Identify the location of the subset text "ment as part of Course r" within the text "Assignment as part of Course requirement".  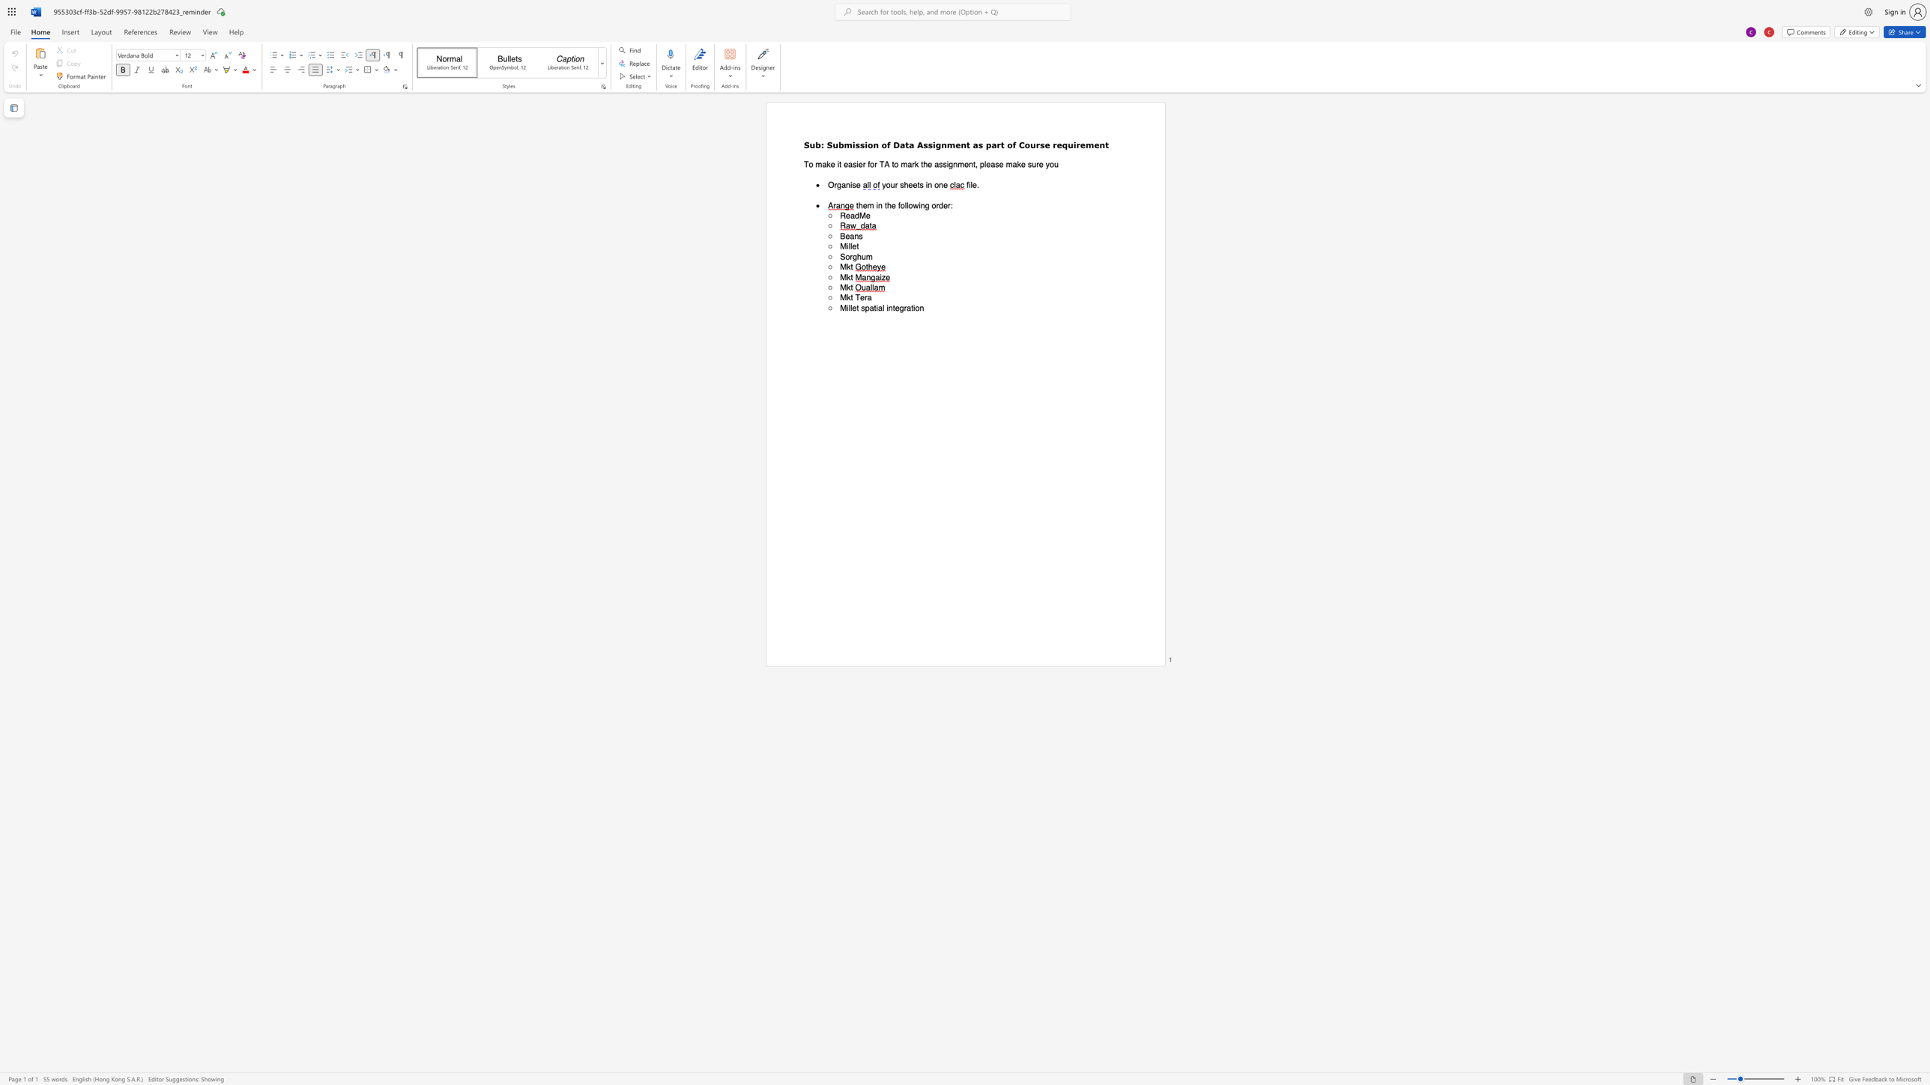
(946, 144).